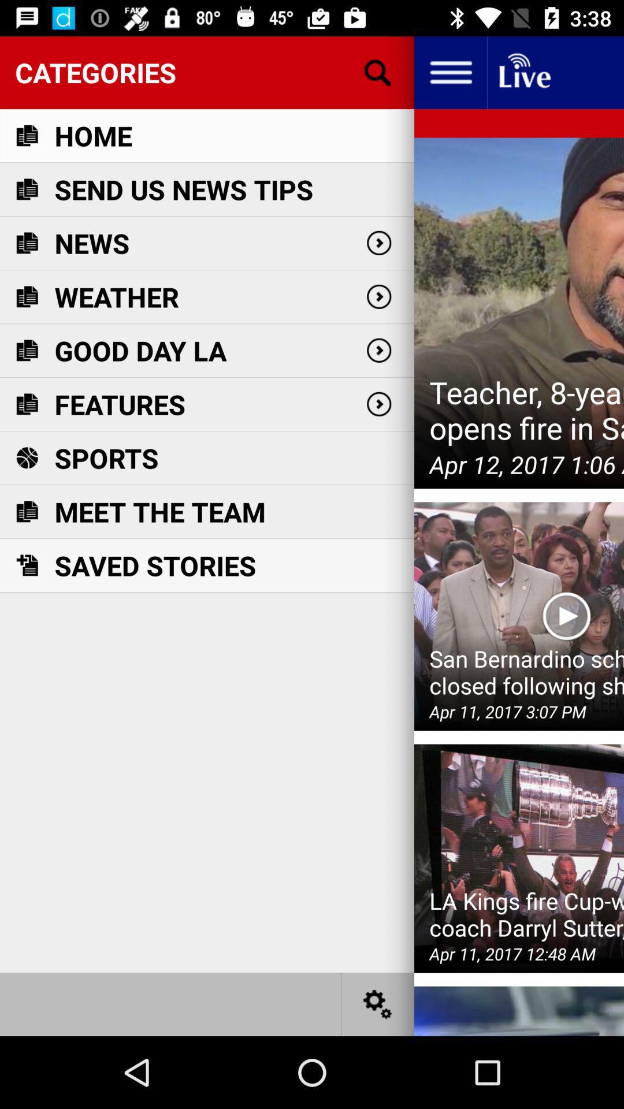 Image resolution: width=624 pixels, height=1109 pixels. I want to click on the menu icon, so click(450, 72).